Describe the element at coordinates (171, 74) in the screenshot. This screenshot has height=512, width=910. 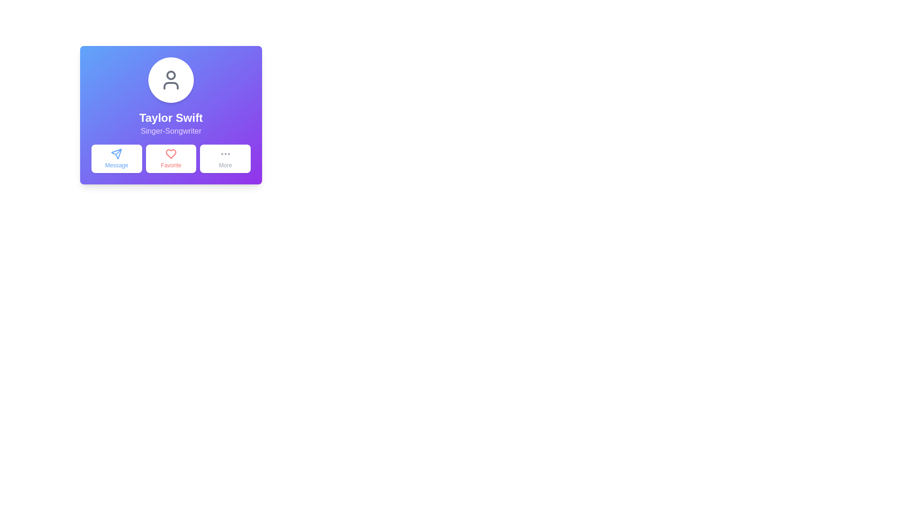
I see `the decorative graphical element that is part of the user profile icon design located at the top of the user card` at that location.